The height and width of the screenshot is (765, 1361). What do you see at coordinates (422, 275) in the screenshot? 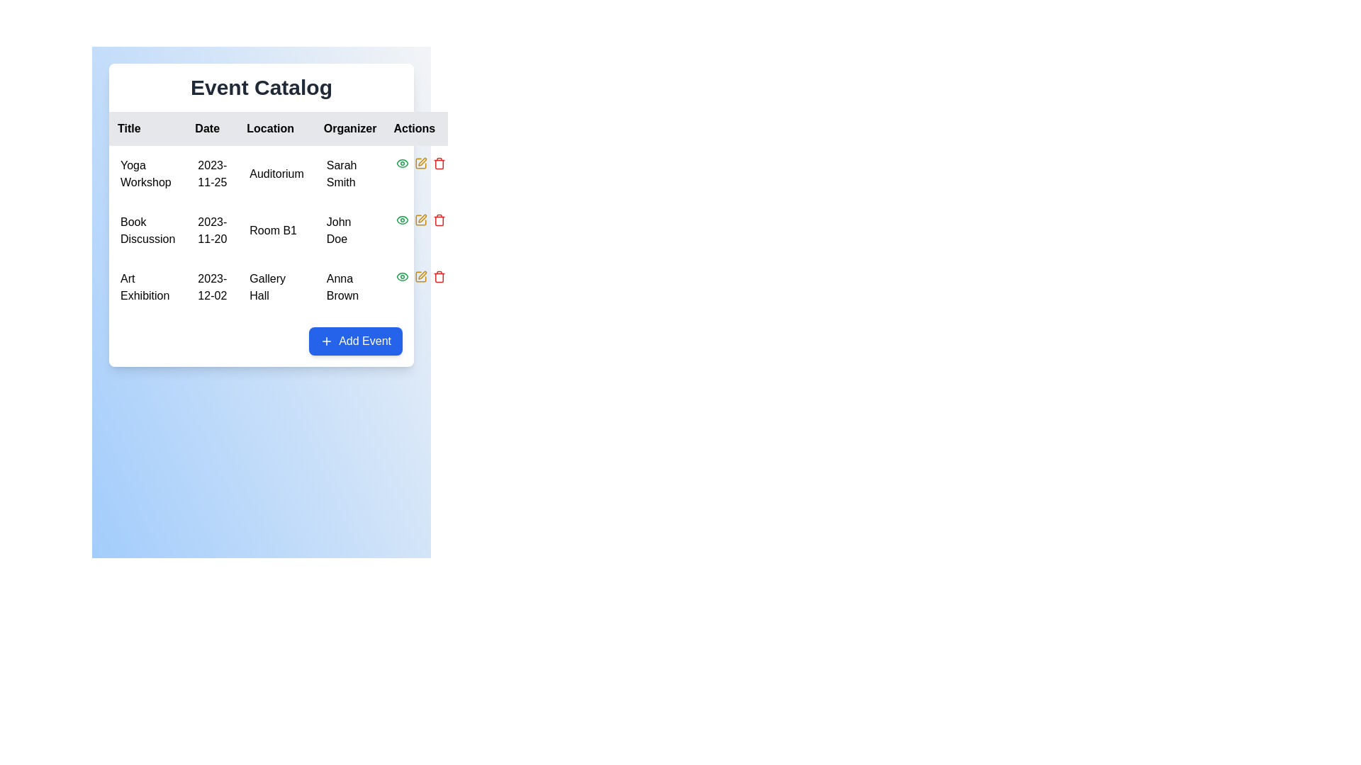
I see `the edit button icon, which is a pen-shaped icon located at the far right of the last row in the data table` at bounding box center [422, 275].